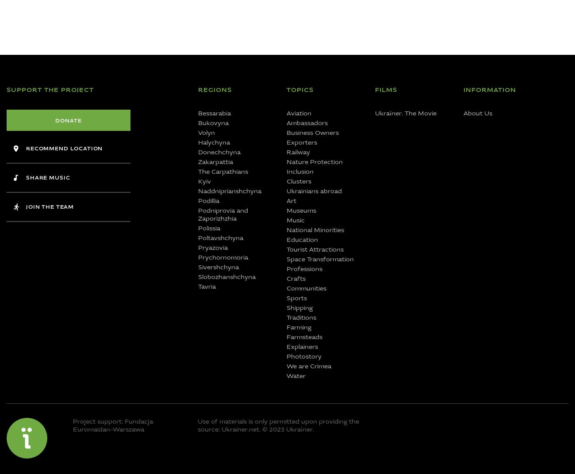 Image resolution: width=575 pixels, height=474 pixels. What do you see at coordinates (278, 425) in the screenshot?
I see `'is only permitted upon providing the source: Ukrainer.net. © 2023 Ukraїner.'` at bounding box center [278, 425].